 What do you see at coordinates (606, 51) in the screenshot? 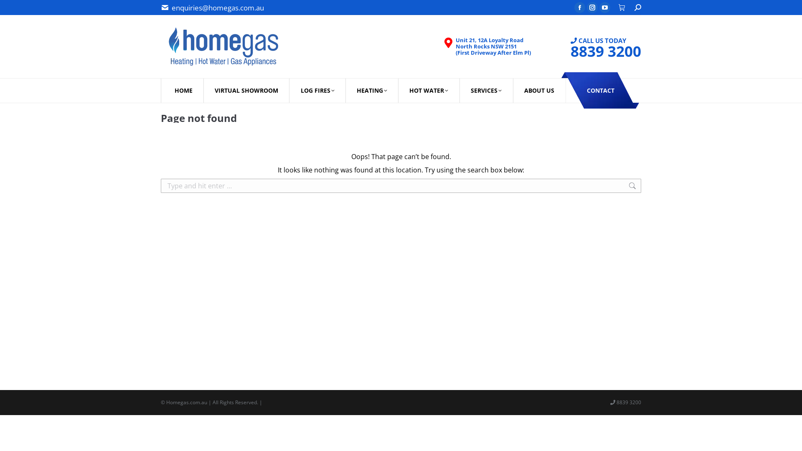
I see `'8839 3200'` at bounding box center [606, 51].